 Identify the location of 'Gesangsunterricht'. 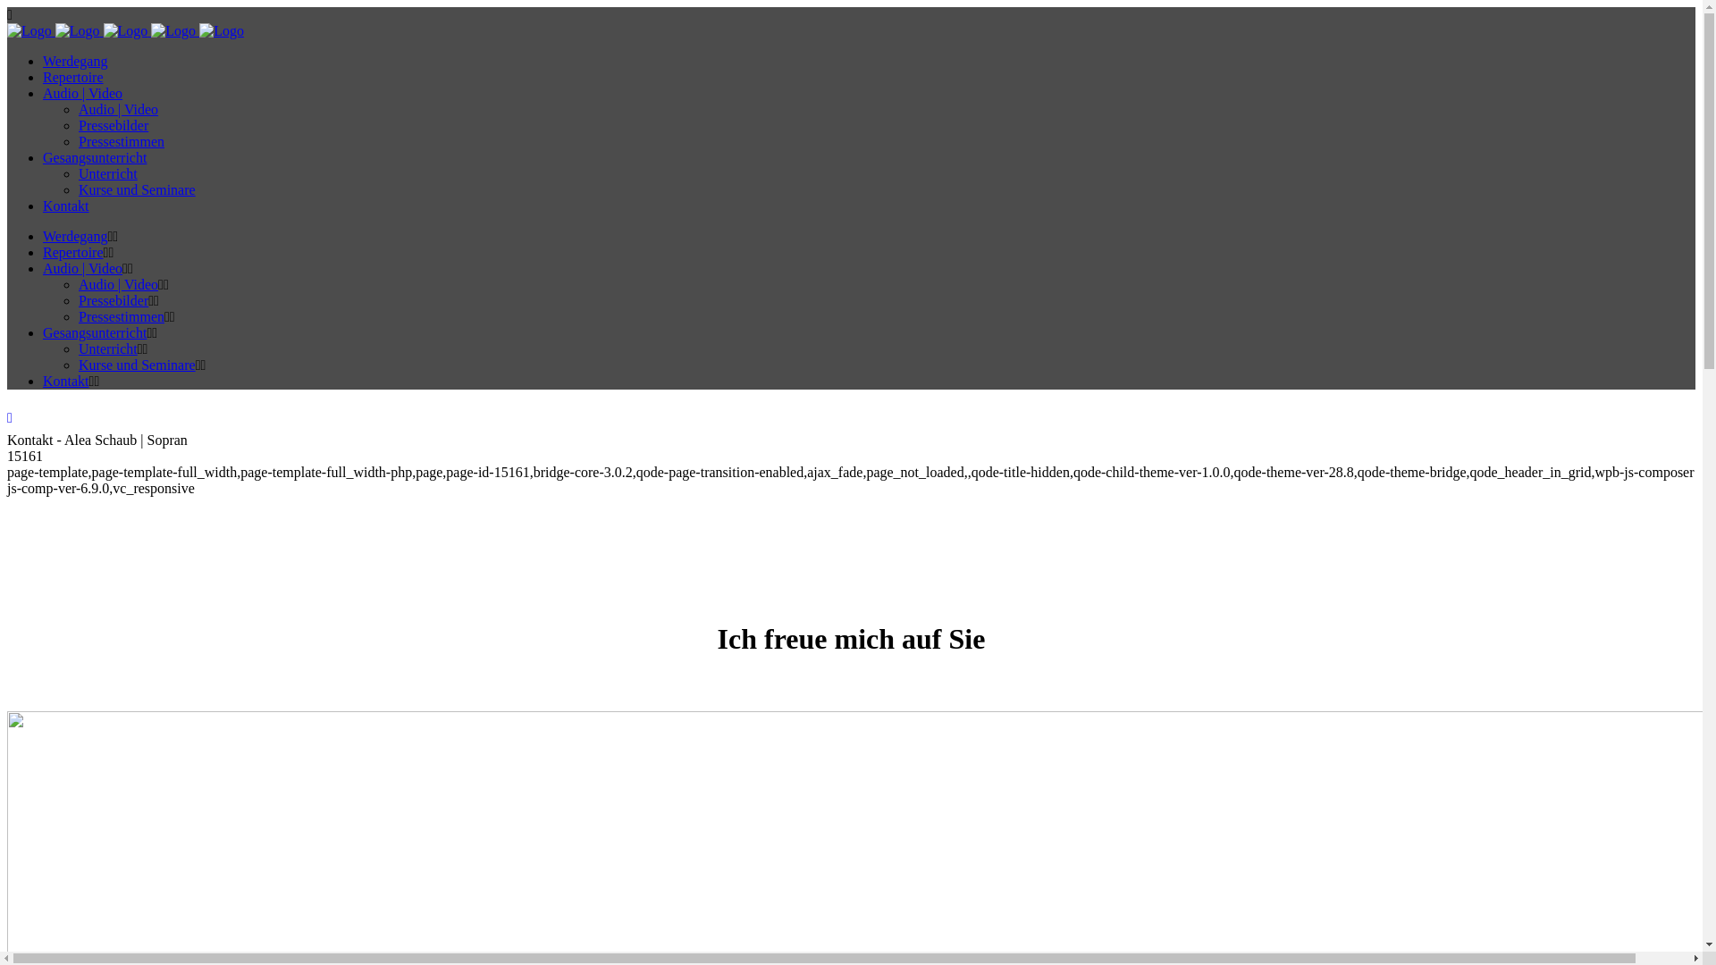
(93, 332).